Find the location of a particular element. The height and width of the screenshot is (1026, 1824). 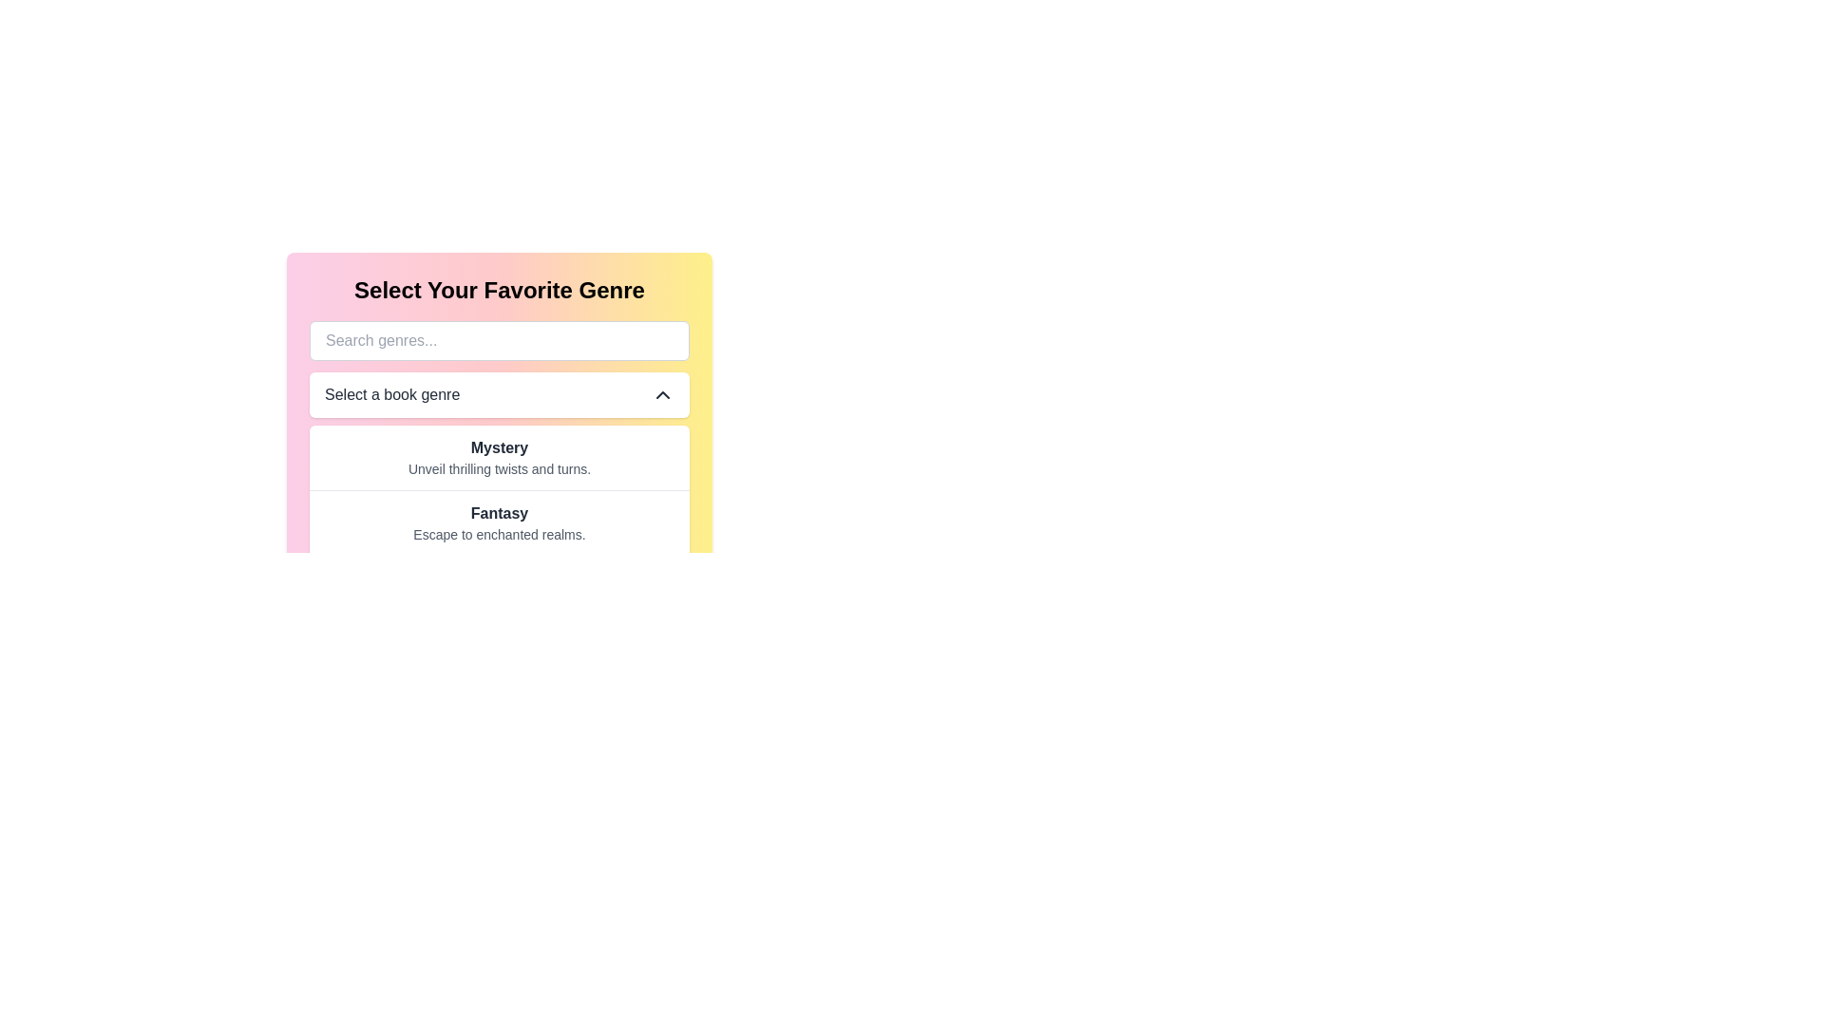

the text label that serves as the title for the 'Mystery' genre, which helps users identify and select this category is located at coordinates (500, 447).